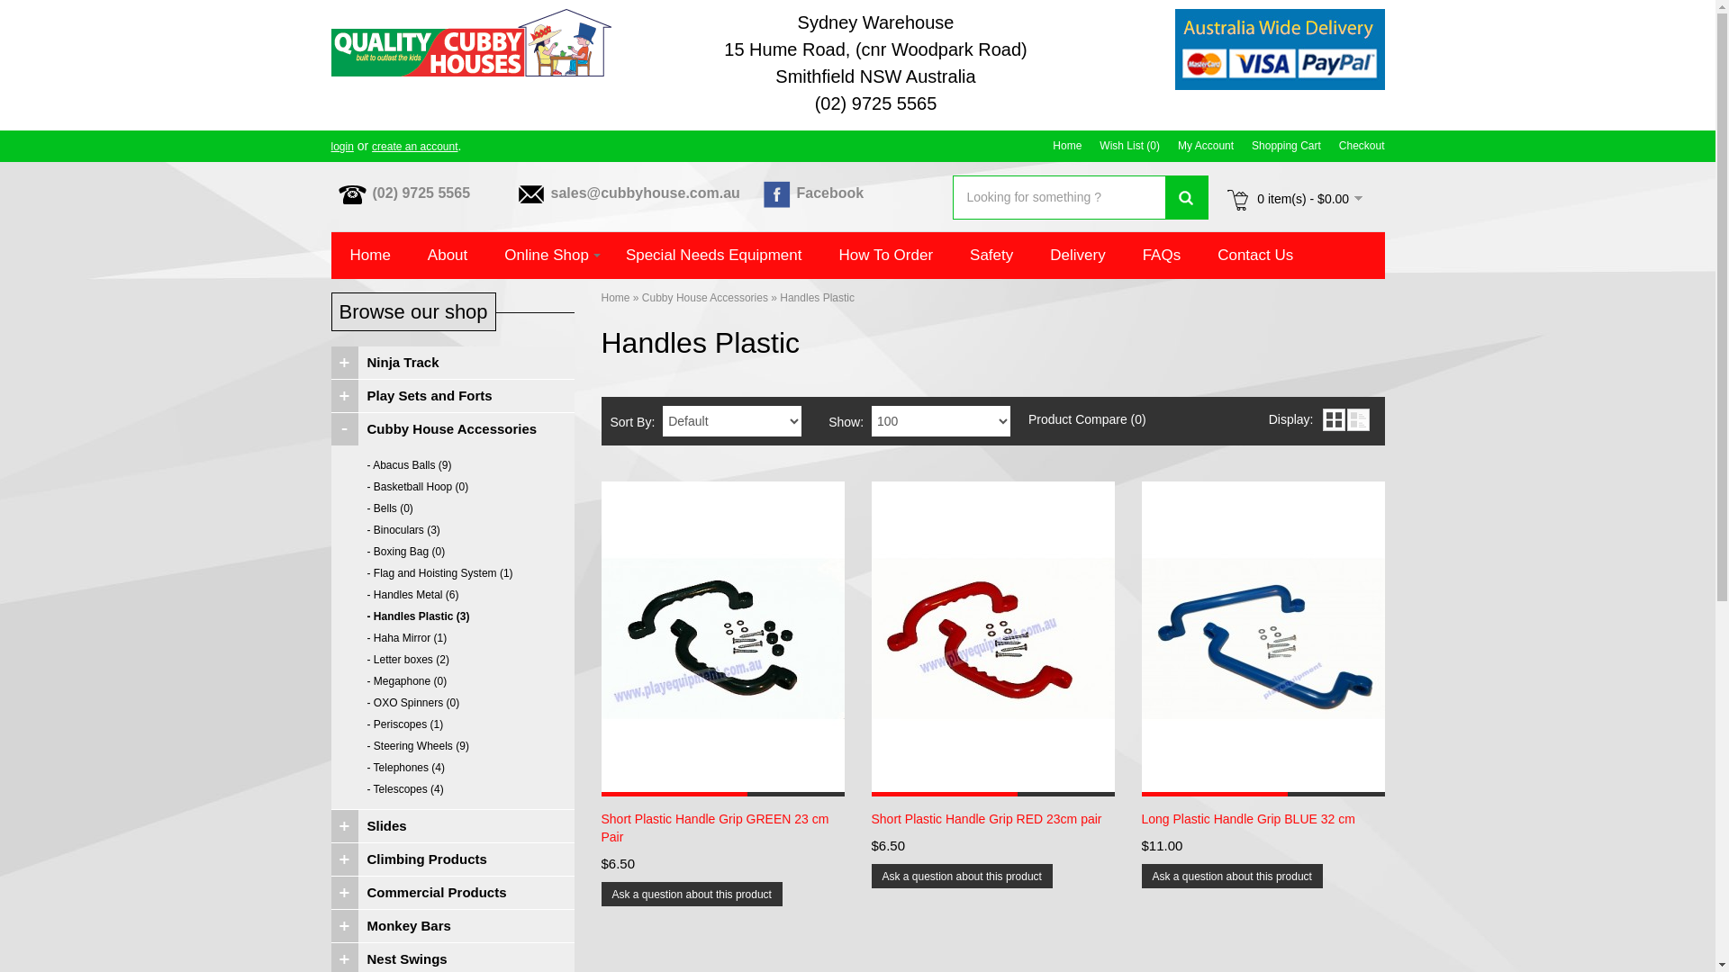  I want to click on '- Telescopes (4)', so click(453, 787).